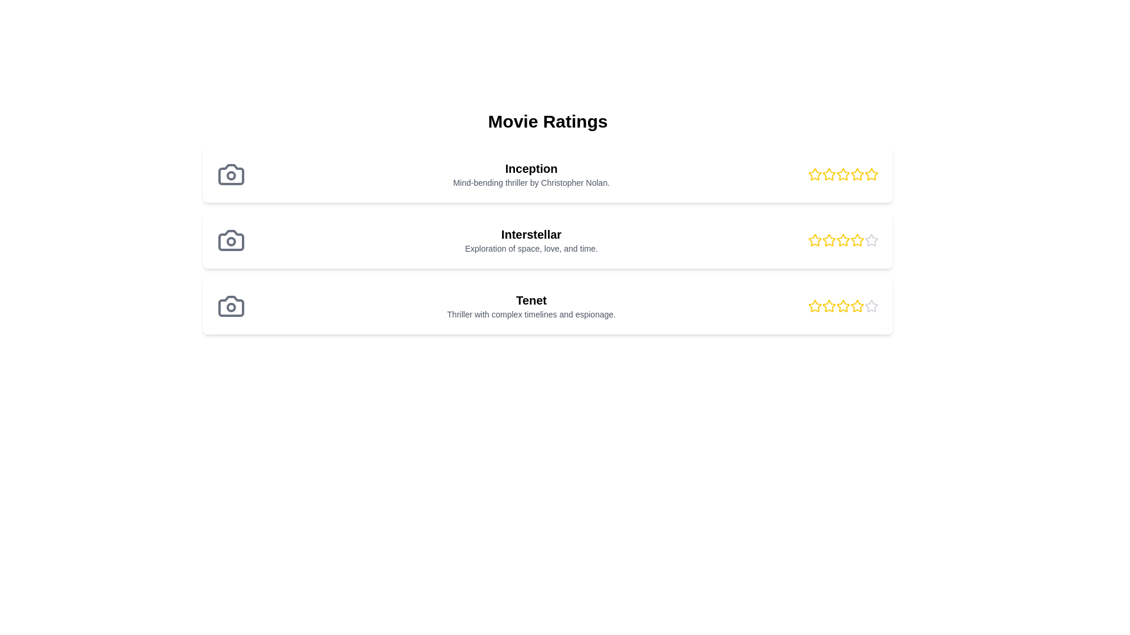  I want to click on the circle element within the SVG graphic that represents the camera icon located in the top left corner of the layout, so click(231, 176).